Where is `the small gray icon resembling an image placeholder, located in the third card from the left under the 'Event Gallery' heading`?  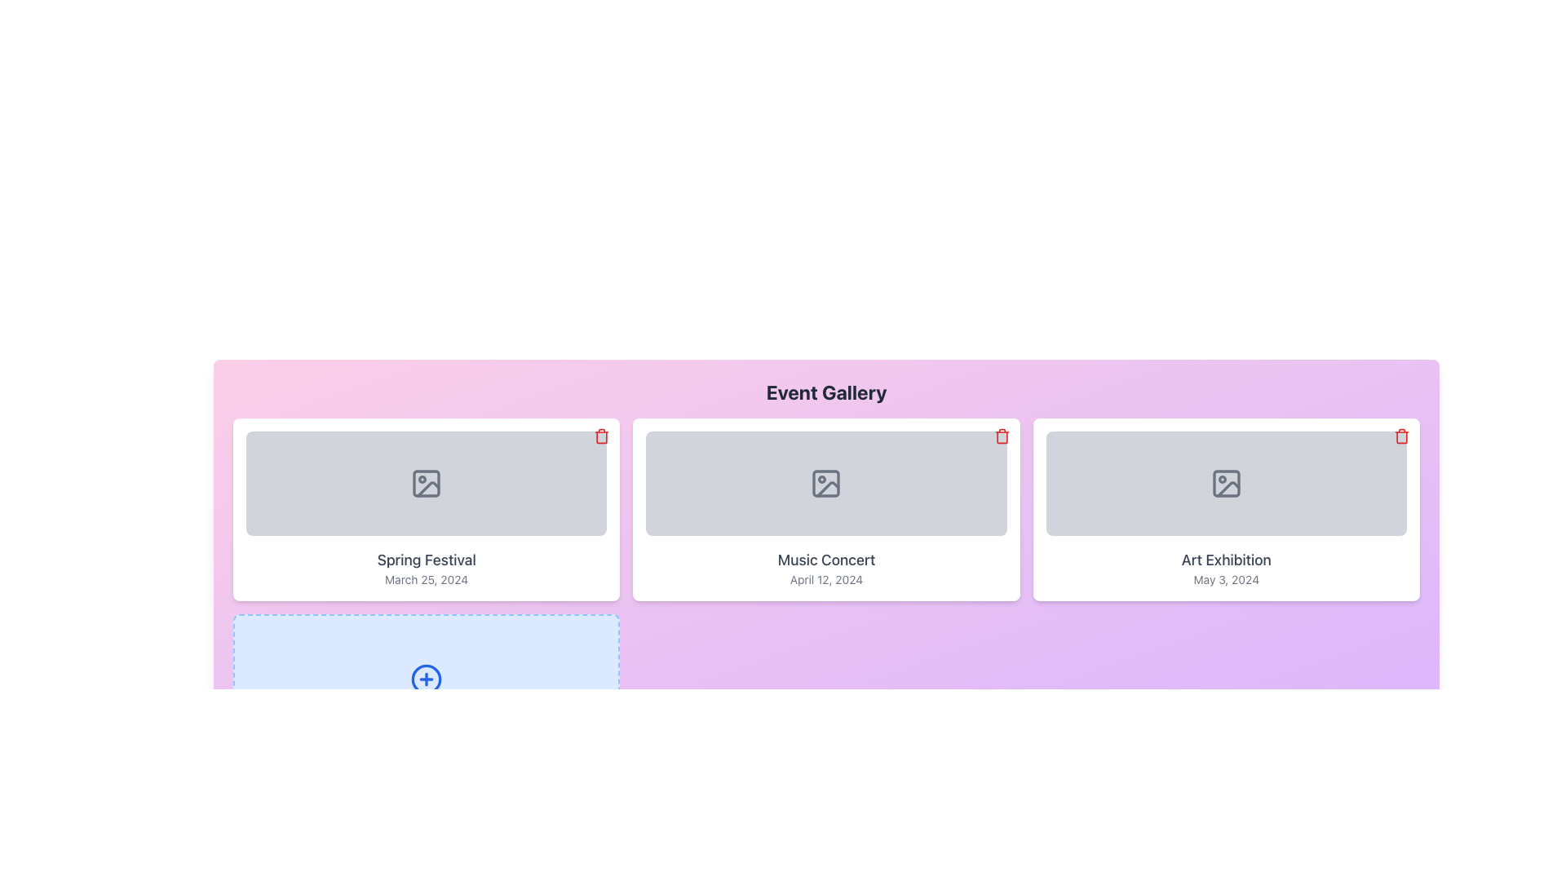
the small gray icon resembling an image placeholder, located in the third card from the left under the 'Event Gallery' heading is located at coordinates (1226, 483).